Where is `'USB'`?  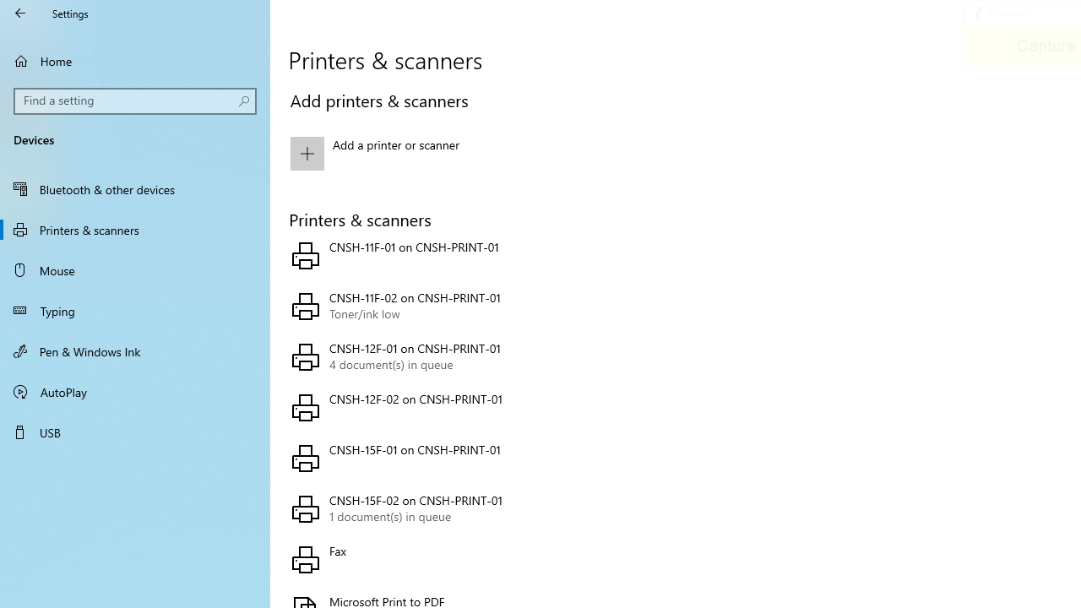
'USB' is located at coordinates (135, 431).